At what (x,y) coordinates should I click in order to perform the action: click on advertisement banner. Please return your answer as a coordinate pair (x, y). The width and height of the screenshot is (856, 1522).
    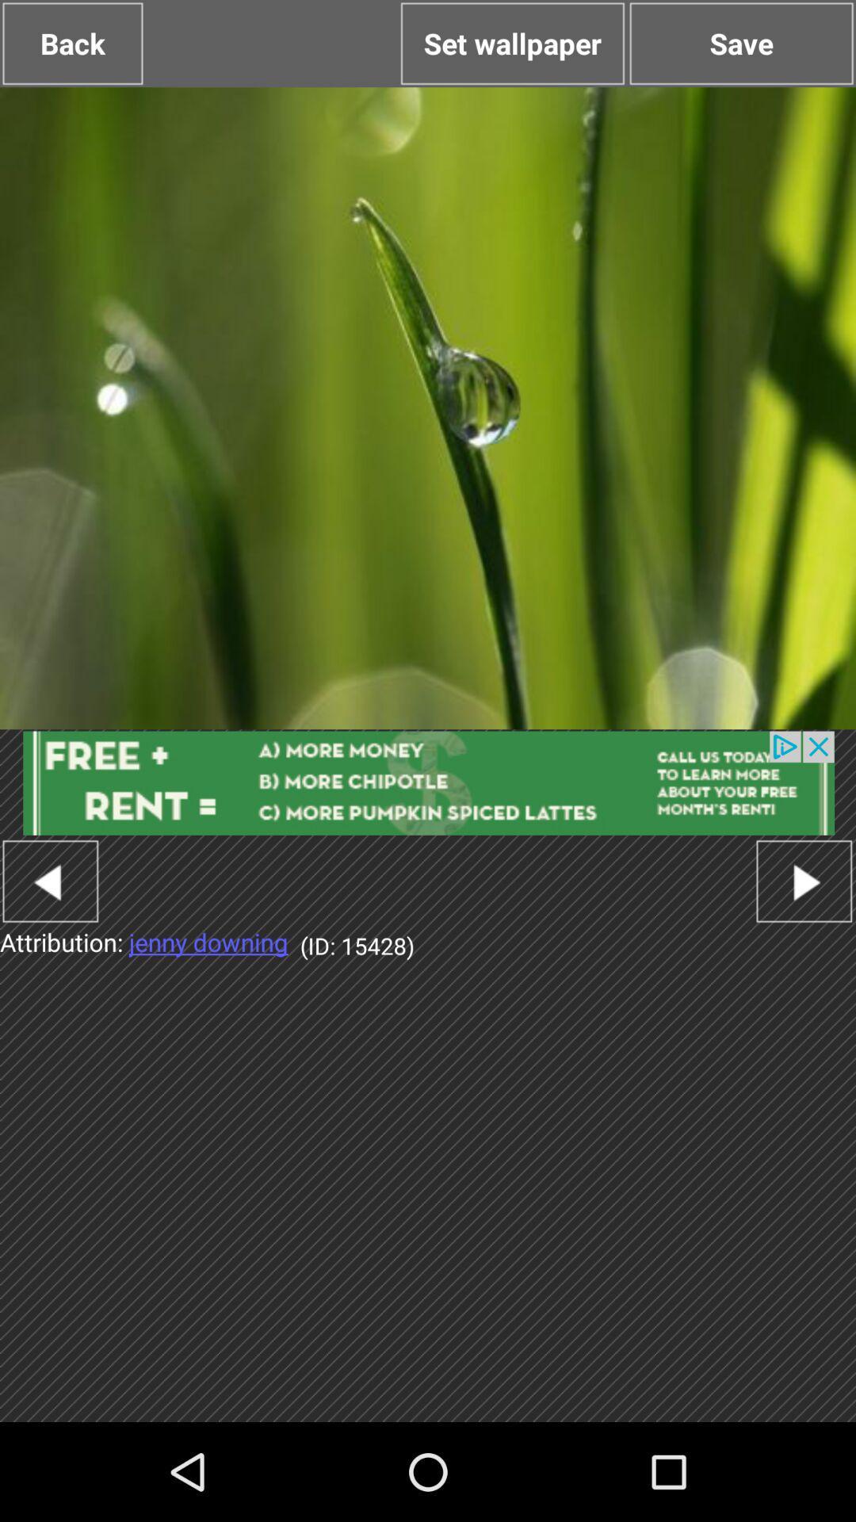
    Looking at the image, I should click on (428, 783).